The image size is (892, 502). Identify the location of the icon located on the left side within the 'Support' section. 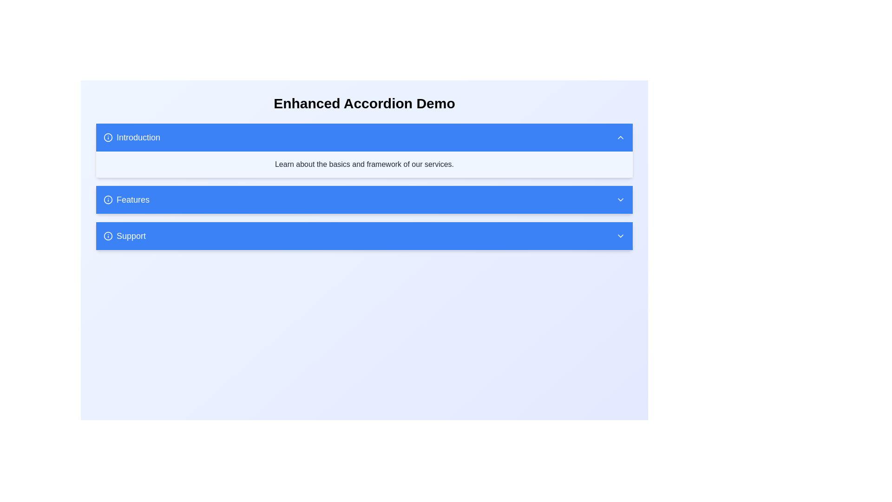
(108, 236).